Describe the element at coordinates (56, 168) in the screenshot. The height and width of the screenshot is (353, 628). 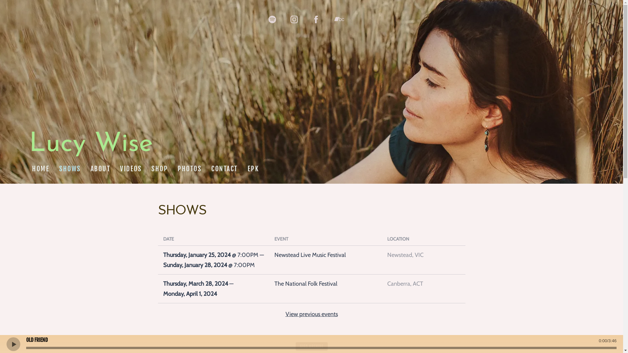
I see `'SHOWS'` at that location.